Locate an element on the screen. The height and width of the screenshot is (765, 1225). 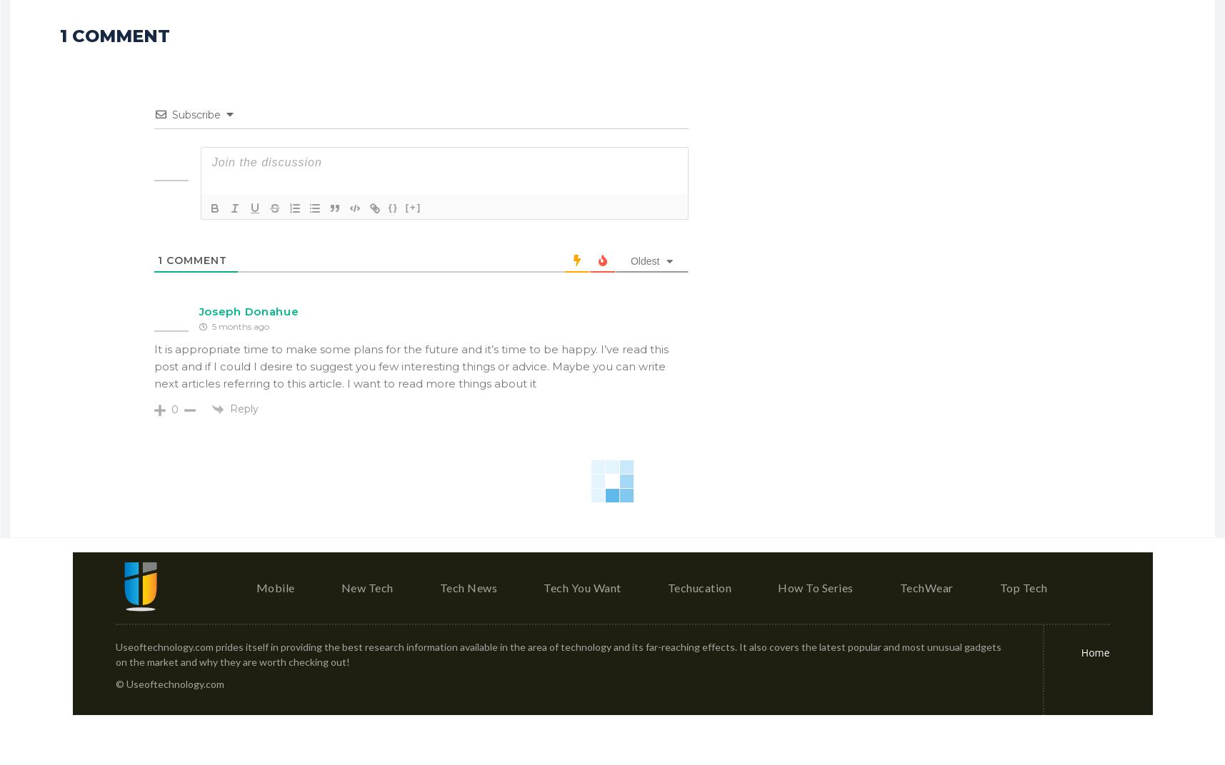
'1' is located at coordinates (157, 260).